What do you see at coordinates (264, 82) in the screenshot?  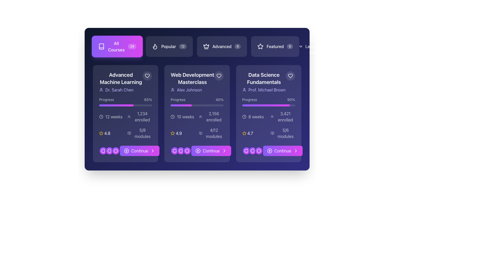 I see `the Text element with the heading 'Data Science Fundamentals' and the subtitle 'Prof. Michael Brown'` at bounding box center [264, 82].